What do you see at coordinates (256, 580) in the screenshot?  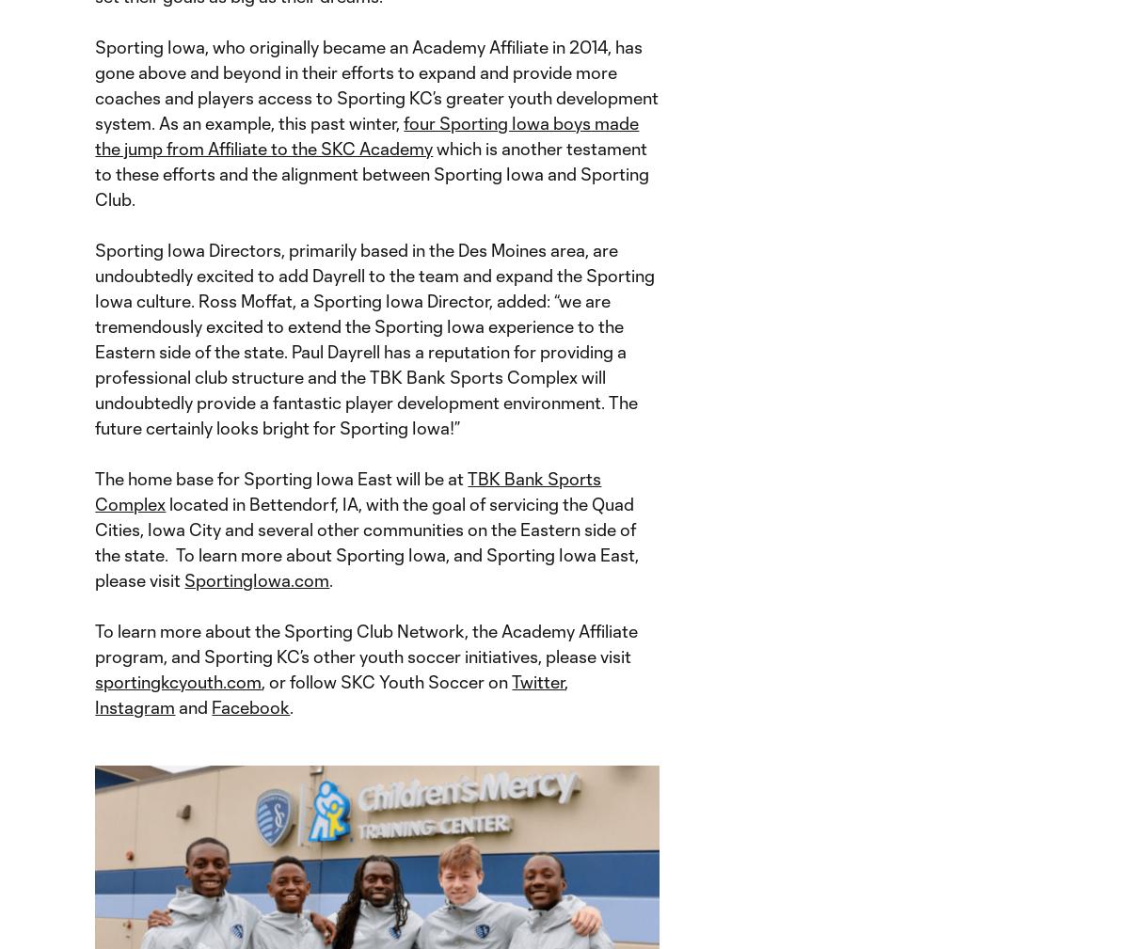 I see `'SportingIowa.com'` at bounding box center [256, 580].